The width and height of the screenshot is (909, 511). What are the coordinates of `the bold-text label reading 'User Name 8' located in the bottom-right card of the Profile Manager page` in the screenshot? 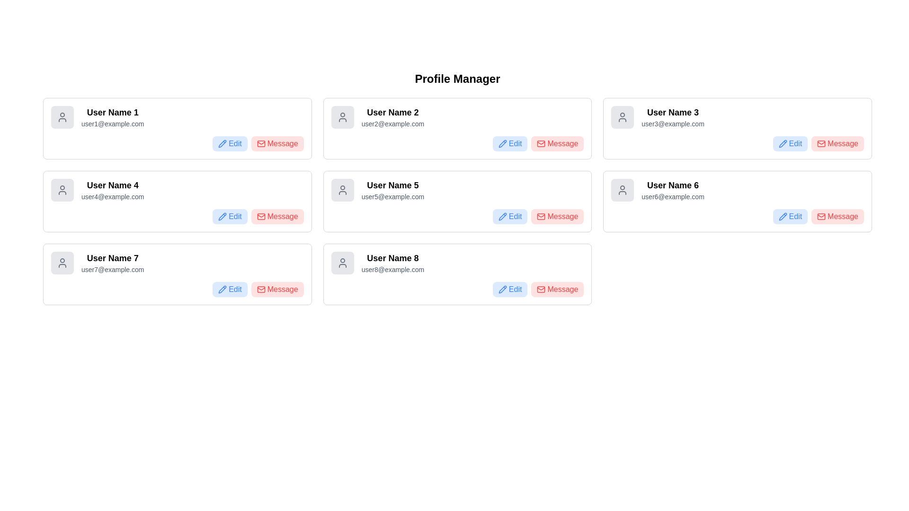 It's located at (392, 258).